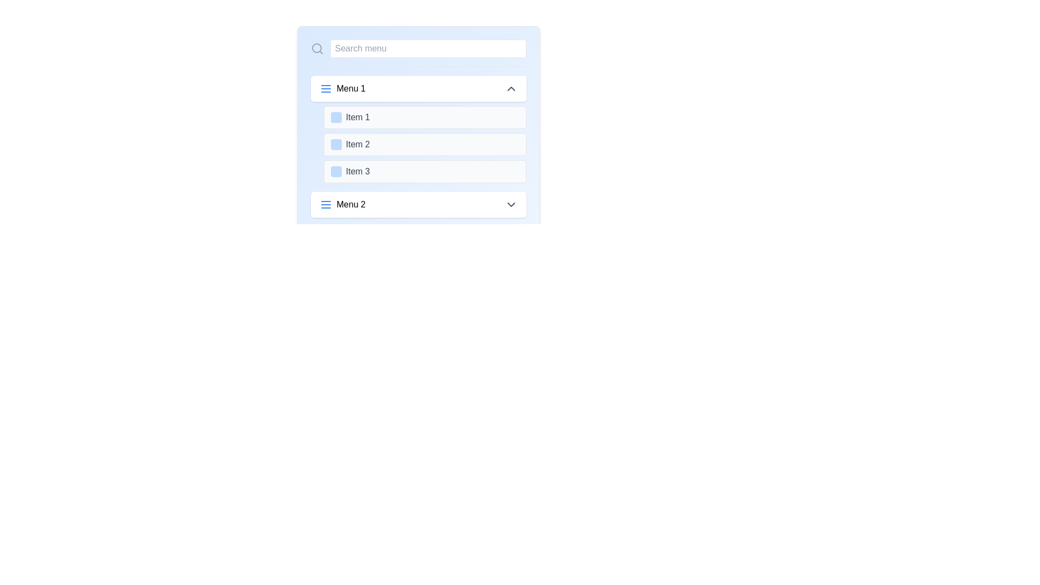  Describe the element at coordinates (424, 171) in the screenshot. I see `the third item in a stacked list of three, located between 'Item 2' above and 'Menu 2' below` at that location.